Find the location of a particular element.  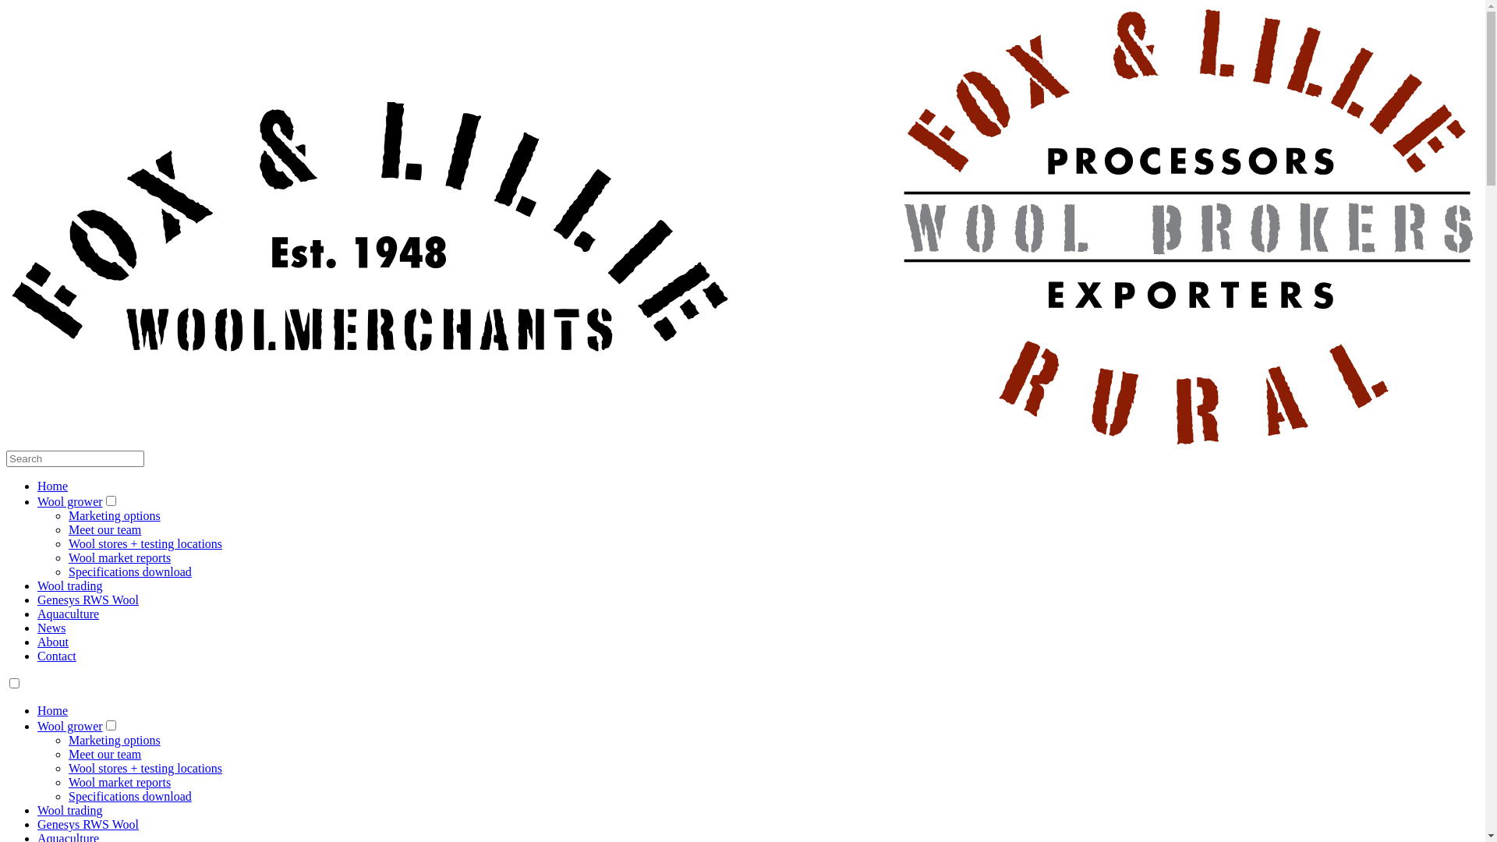

'News' is located at coordinates (51, 627).